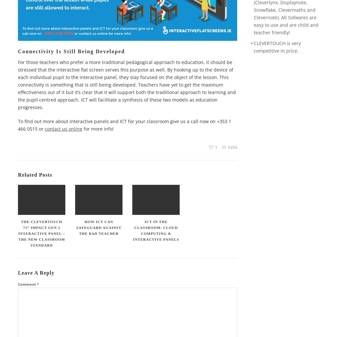 The width and height of the screenshot is (343, 337). I want to click on 'Leave a Reply', so click(36, 273).